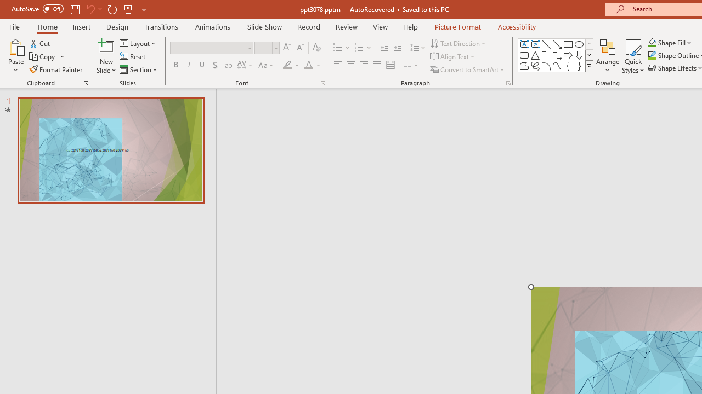 The height and width of the screenshot is (394, 702). What do you see at coordinates (652, 55) in the screenshot?
I see `'Shape Outline Green, Accent 1'` at bounding box center [652, 55].